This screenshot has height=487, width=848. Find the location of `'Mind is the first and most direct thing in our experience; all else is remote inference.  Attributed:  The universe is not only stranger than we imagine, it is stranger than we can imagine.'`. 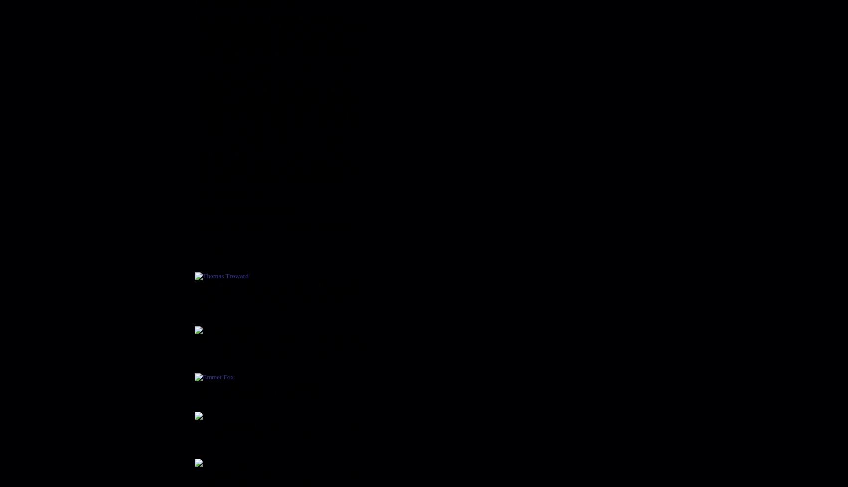

'Mind is the first and most direct thing in our experience; all else is remote inference.  Attributed:  The universe is not only stranger than we imagine, it is stranger than we can imagine.' is located at coordinates (281, 346).